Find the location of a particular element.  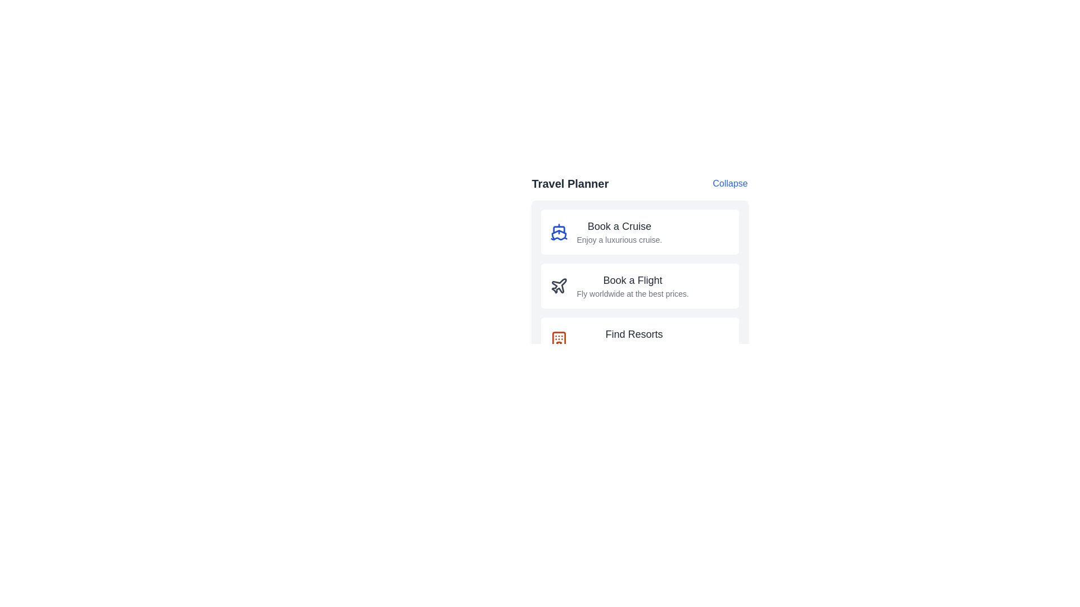

the 'Find Resorts' button located at the bottom of the 'Travel Planner' section is located at coordinates (640, 339).